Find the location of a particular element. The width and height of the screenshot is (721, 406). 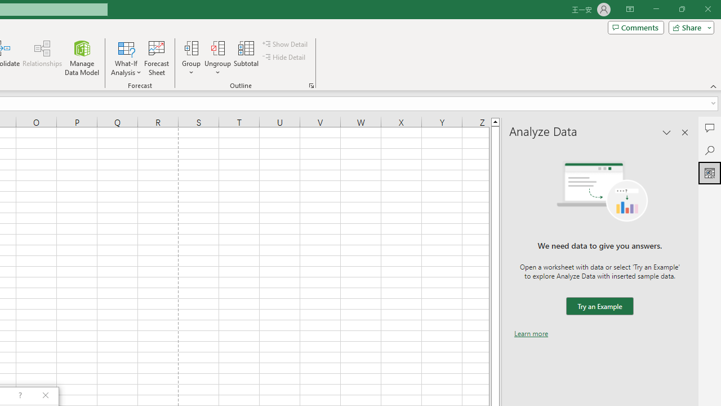

'What-If Analysis' is located at coordinates (126, 58).